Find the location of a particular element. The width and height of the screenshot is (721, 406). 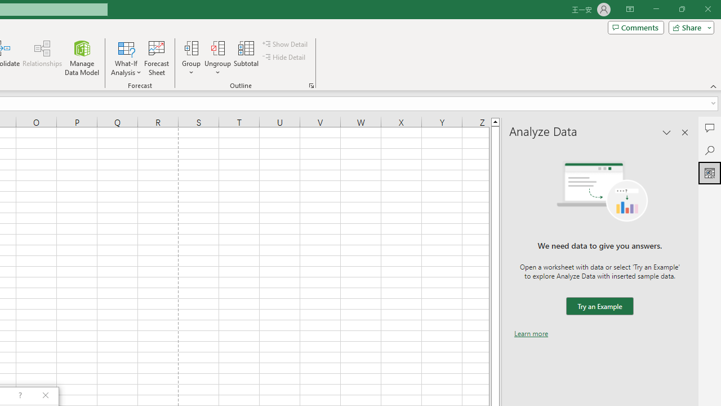

'What-If Analysis' is located at coordinates (126, 58).